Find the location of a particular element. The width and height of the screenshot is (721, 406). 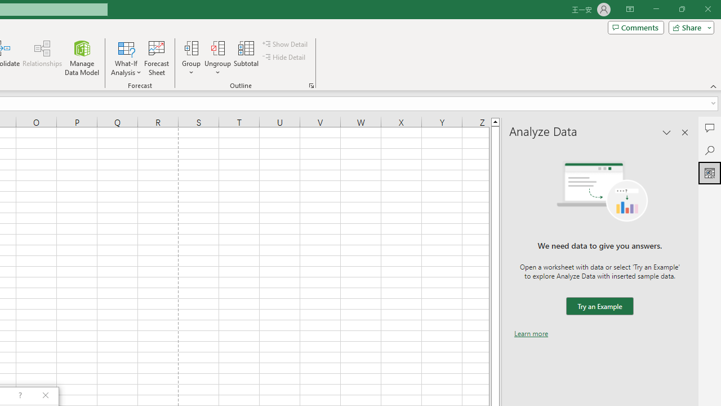

'What-If Analysis' is located at coordinates (126, 58).